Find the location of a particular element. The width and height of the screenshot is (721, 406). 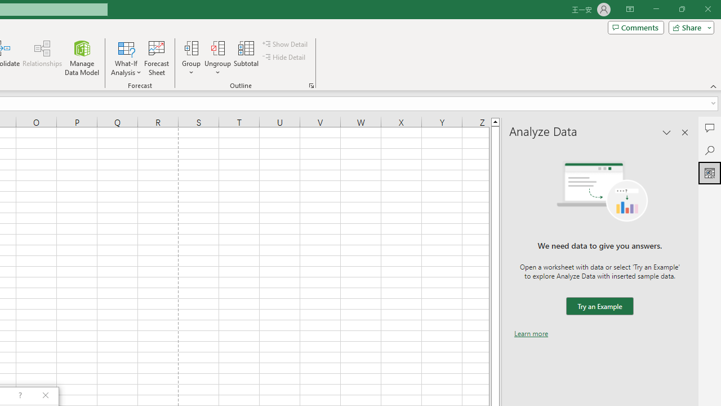

'What-If Analysis' is located at coordinates (126, 58).